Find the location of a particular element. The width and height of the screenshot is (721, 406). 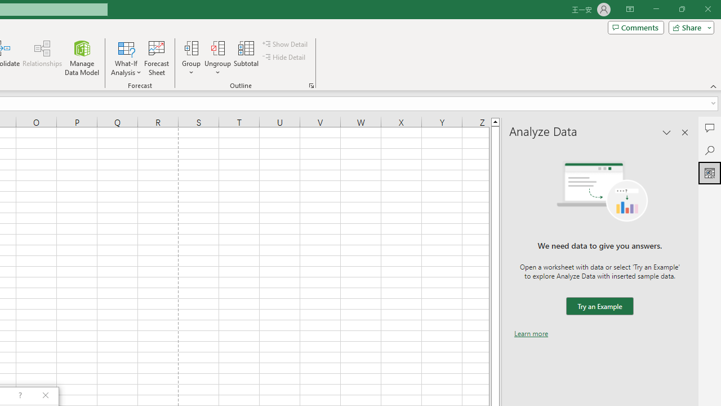

'What-If Analysis' is located at coordinates (126, 58).